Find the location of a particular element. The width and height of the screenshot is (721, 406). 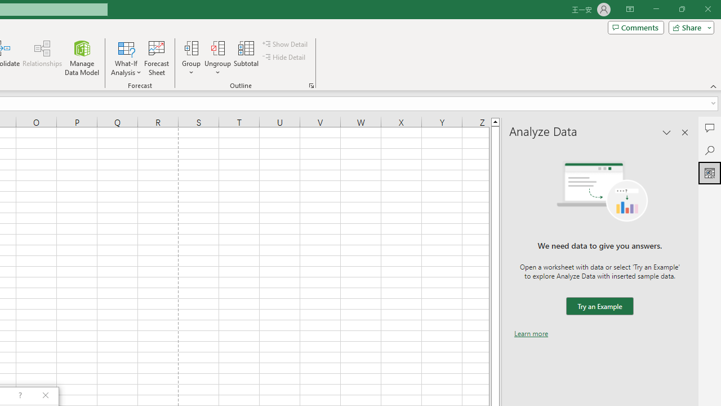

'What-If Analysis' is located at coordinates (126, 58).